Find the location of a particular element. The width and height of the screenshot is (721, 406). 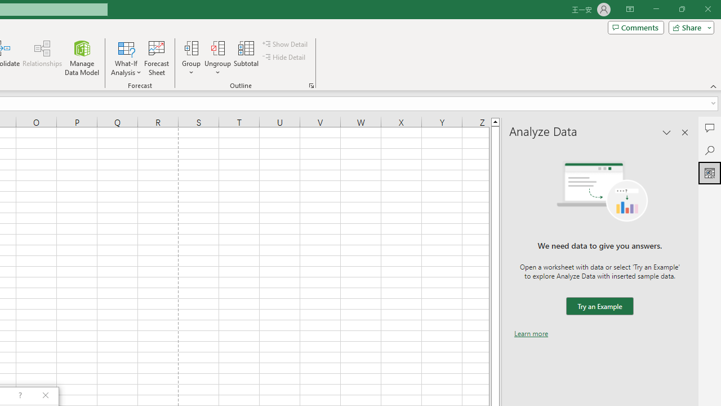

'What-If Analysis' is located at coordinates (126, 58).